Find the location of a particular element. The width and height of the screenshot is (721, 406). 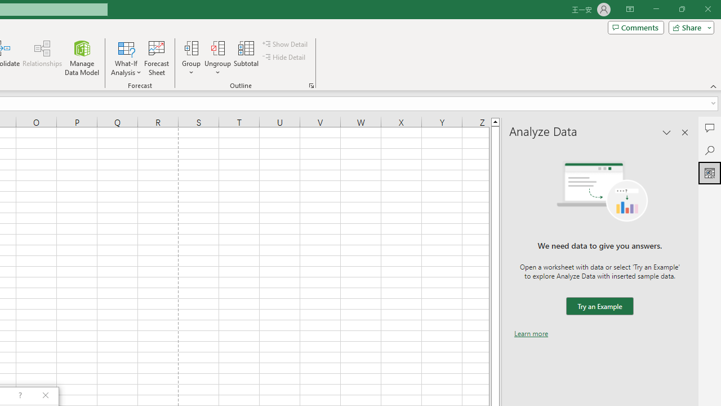

'What-If Analysis' is located at coordinates (126, 58).